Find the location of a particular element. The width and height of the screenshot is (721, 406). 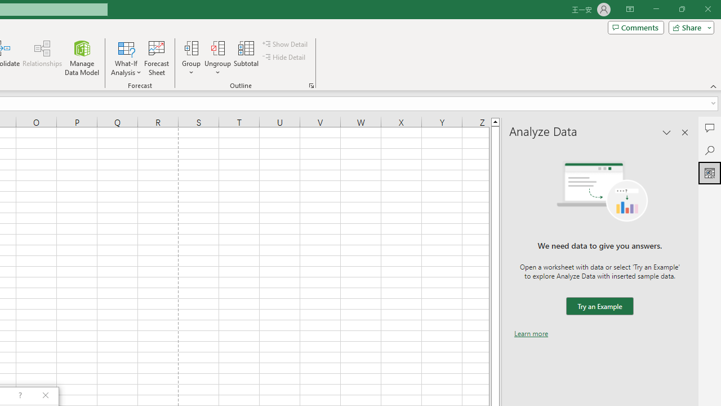

'What-If Analysis' is located at coordinates (126, 58).